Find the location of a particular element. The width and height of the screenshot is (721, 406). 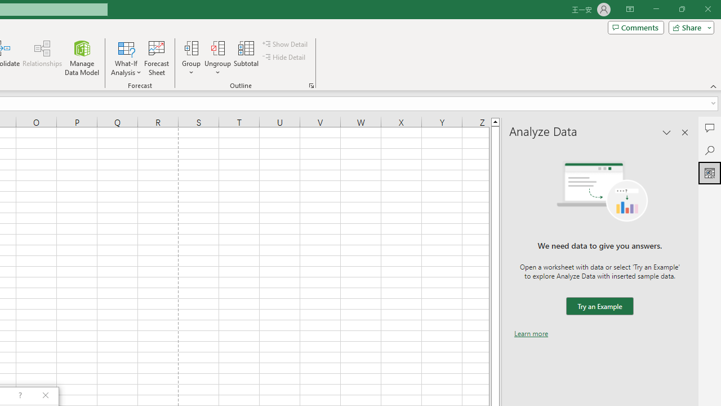

'What-If Analysis' is located at coordinates (126, 58).